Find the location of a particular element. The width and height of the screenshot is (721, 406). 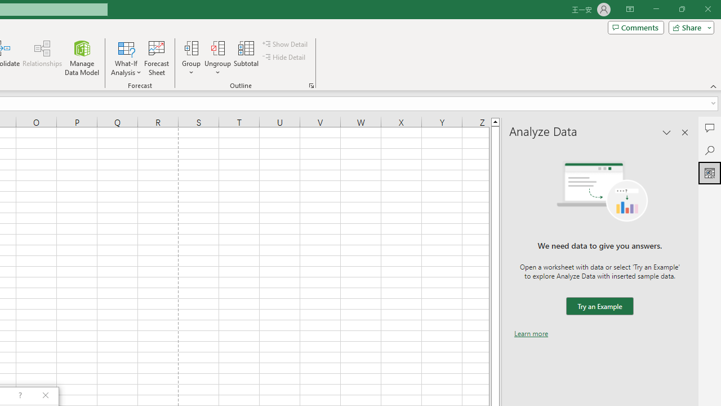

'What-If Analysis' is located at coordinates (126, 58).